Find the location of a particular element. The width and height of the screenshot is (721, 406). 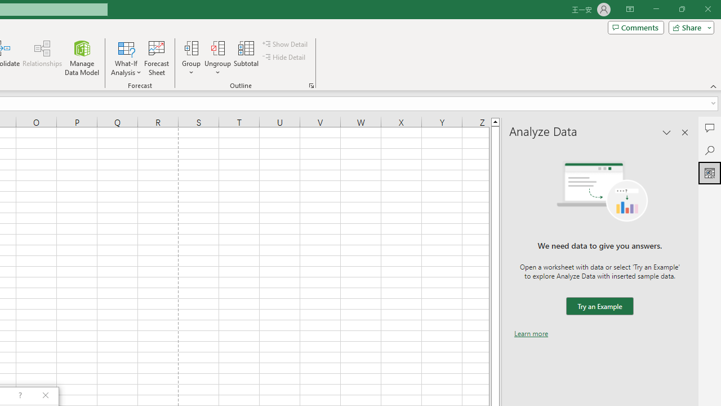

'What-If Analysis' is located at coordinates (126, 58).